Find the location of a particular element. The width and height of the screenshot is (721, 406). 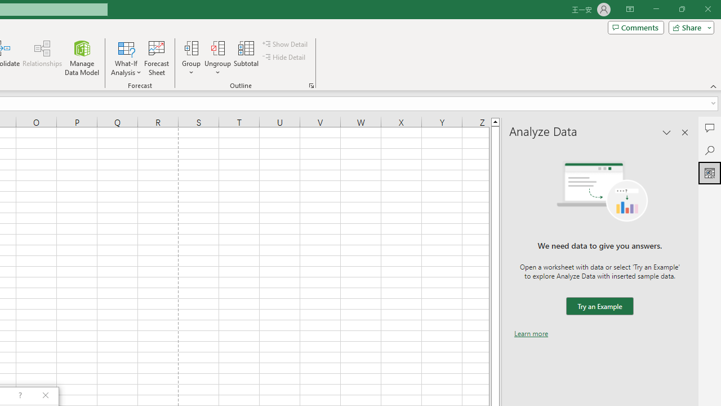

'What-If Analysis' is located at coordinates (126, 58).